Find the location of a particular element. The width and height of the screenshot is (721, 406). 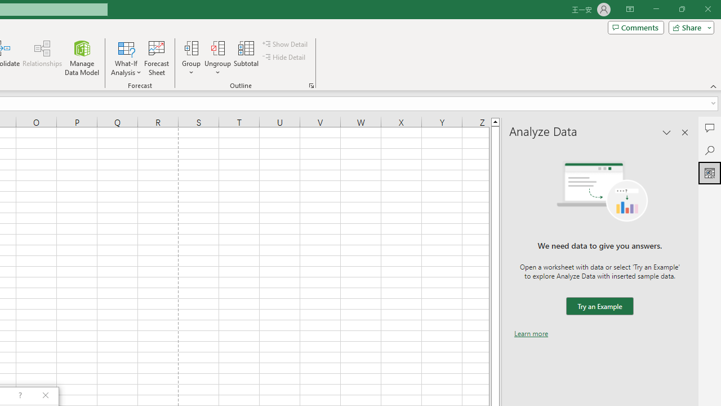

'What-If Analysis' is located at coordinates (126, 58).